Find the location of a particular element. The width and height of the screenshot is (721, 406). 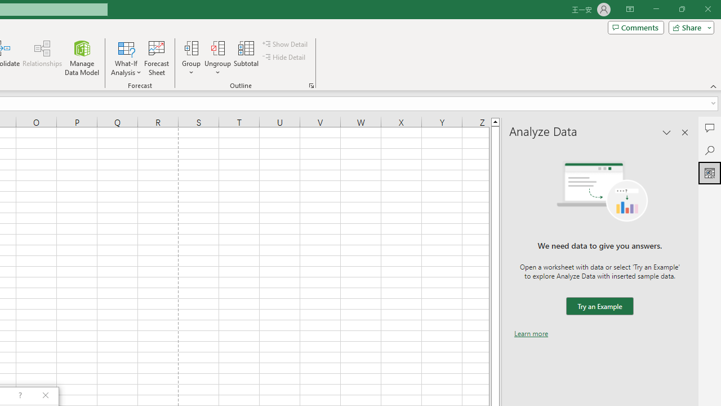

'What-If Analysis' is located at coordinates (126, 58).